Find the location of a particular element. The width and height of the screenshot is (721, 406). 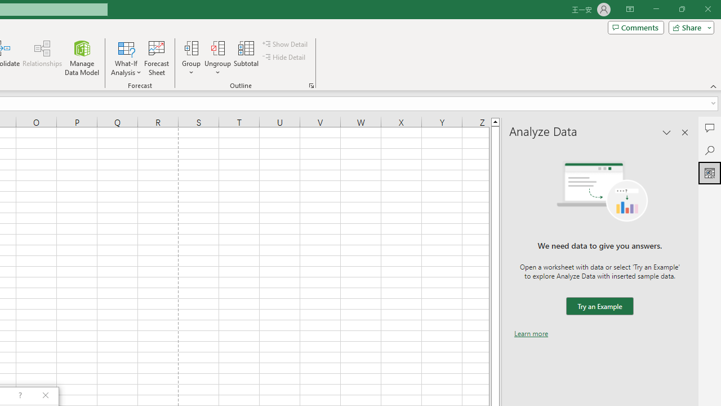

'What-If Analysis' is located at coordinates (126, 58).